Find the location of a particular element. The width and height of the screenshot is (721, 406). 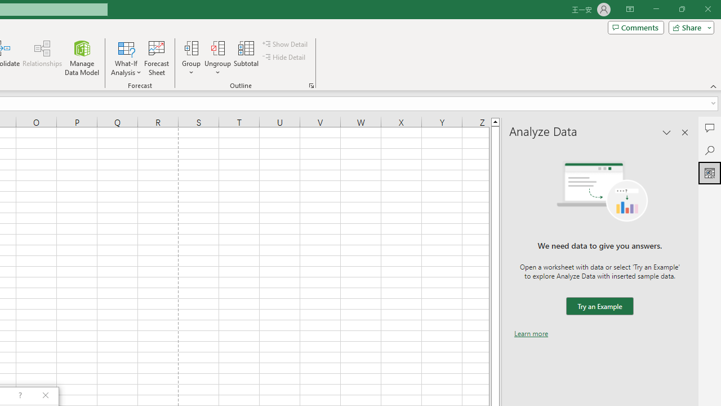

'What-If Analysis' is located at coordinates (126, 58).